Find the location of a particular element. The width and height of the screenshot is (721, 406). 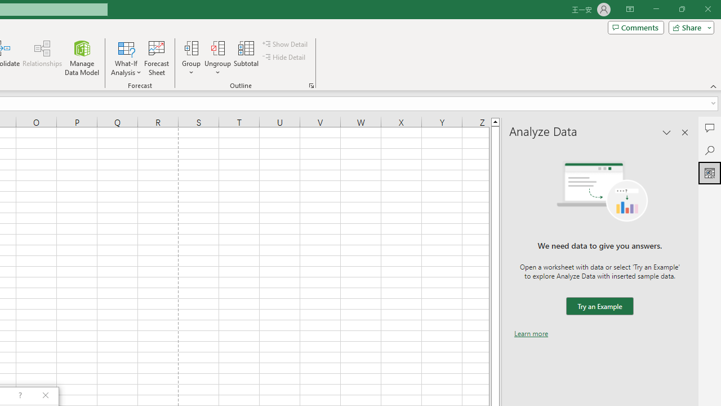

'What-If Analysis' is located at coordinates (126, 58).